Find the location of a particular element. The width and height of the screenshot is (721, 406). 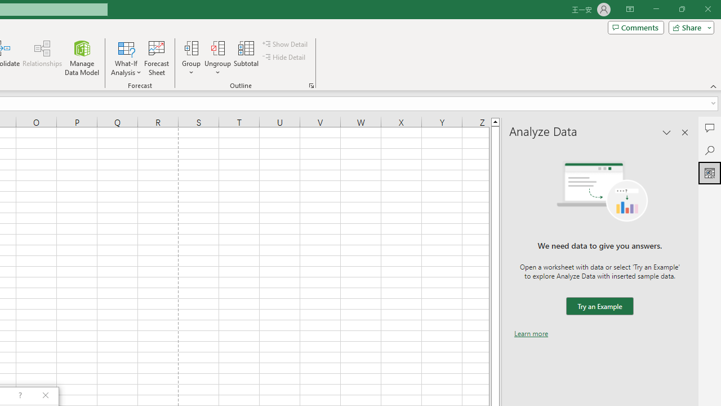

'What-If Analysis' is located at coordinates (126, 58).